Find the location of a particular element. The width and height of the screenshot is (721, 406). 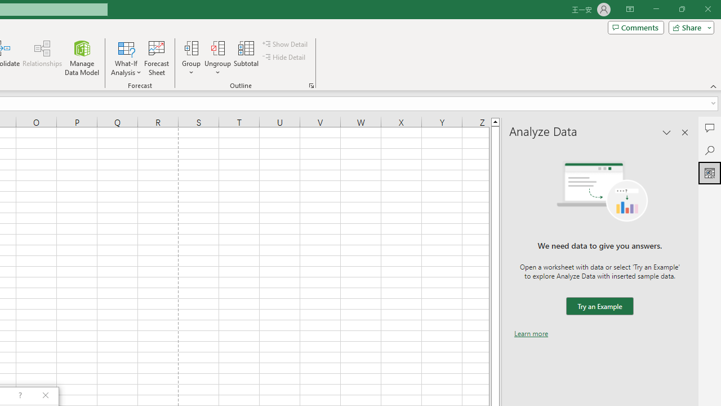

'What-If Analysis' is located at coordinates (126, 58).